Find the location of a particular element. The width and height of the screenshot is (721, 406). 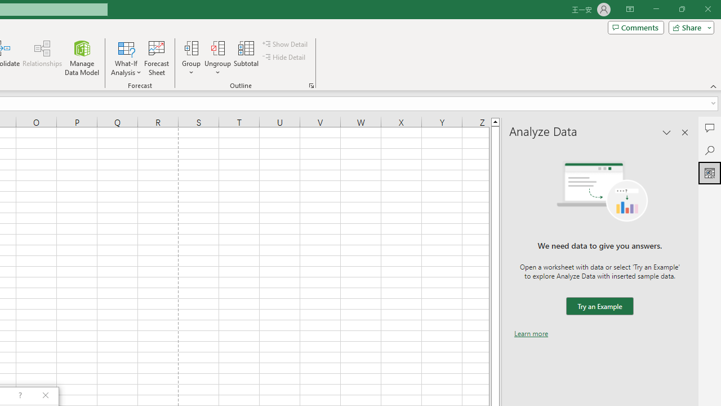

'What-If Analysis' is located at coordinates (126, 58).